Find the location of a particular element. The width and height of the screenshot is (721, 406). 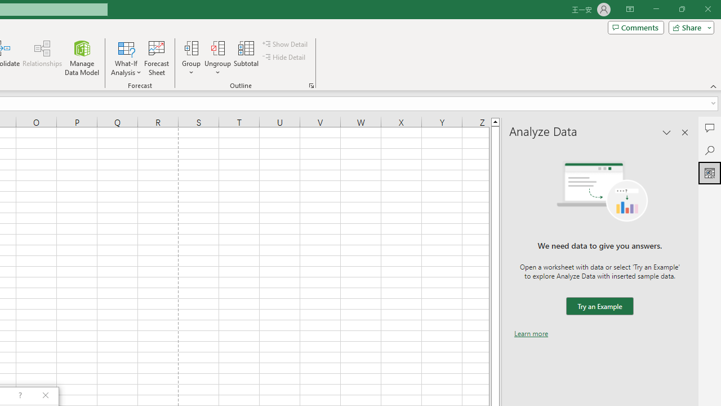

'What-If Analysis' is located at coordinates (126, 58).